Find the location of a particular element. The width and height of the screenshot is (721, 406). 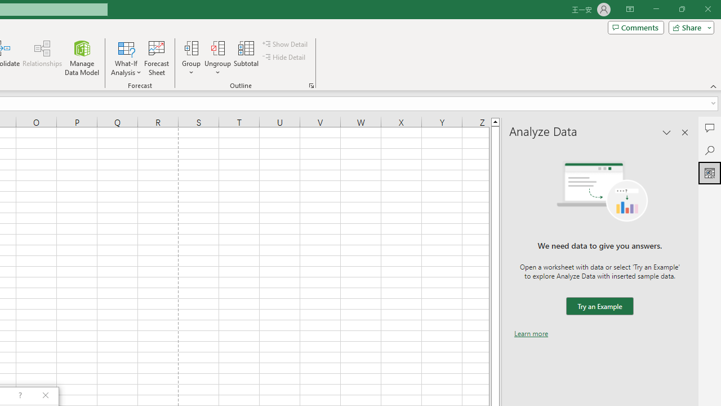

'What-If Analysis' is located at coordinates (126, 58).